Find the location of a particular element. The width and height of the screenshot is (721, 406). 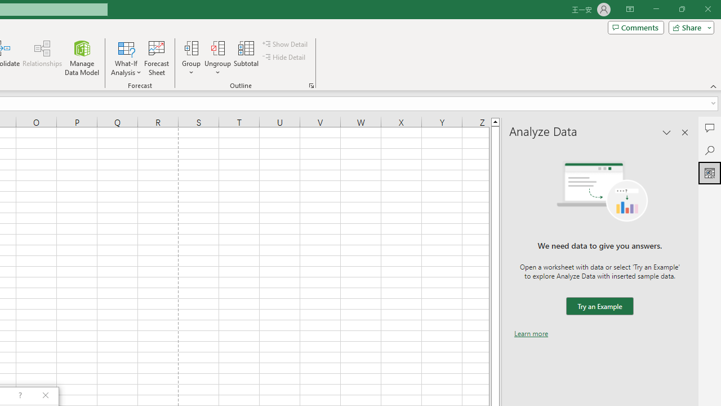

'What-If Analysis' is located at coordinates (126, 58).